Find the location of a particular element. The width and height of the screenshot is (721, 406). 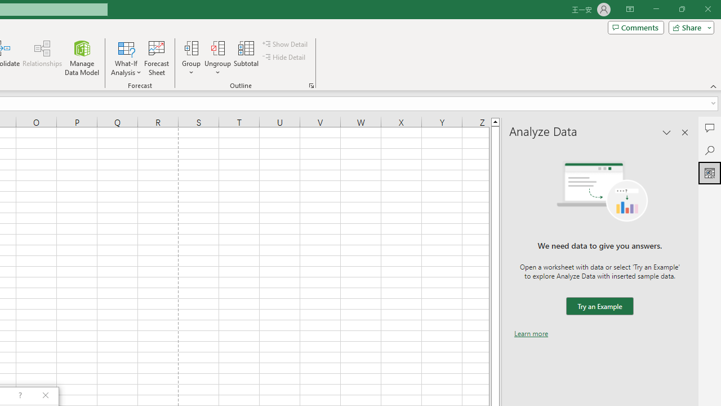

'What-If Analysis' is located at coordinates (126, 58).